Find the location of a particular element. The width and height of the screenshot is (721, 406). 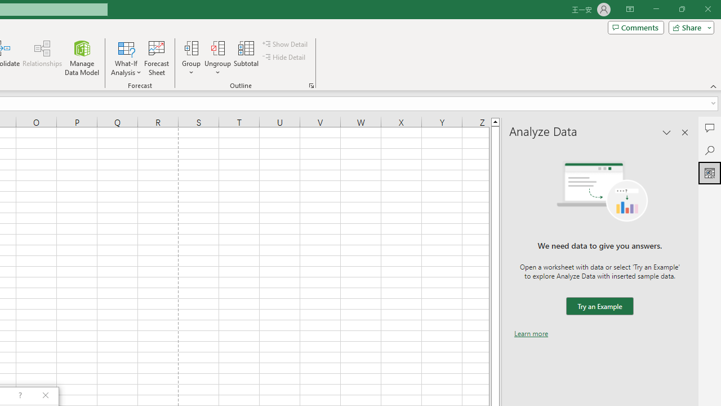

'What-If Analysis' is located at coordinates (126, 58).